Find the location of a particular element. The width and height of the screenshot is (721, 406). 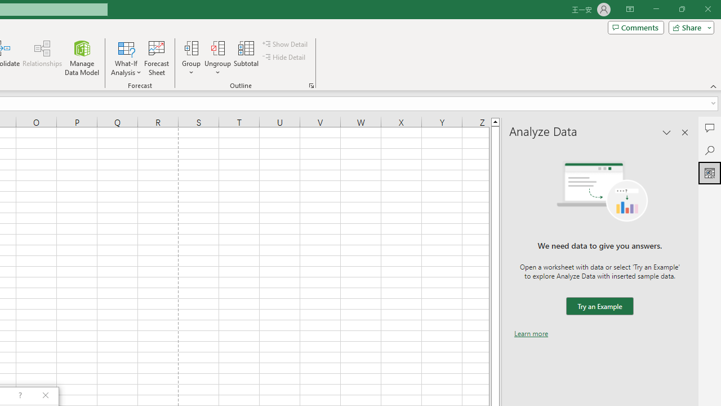

'What-If Analysis' is located at coordinates (126, 58).